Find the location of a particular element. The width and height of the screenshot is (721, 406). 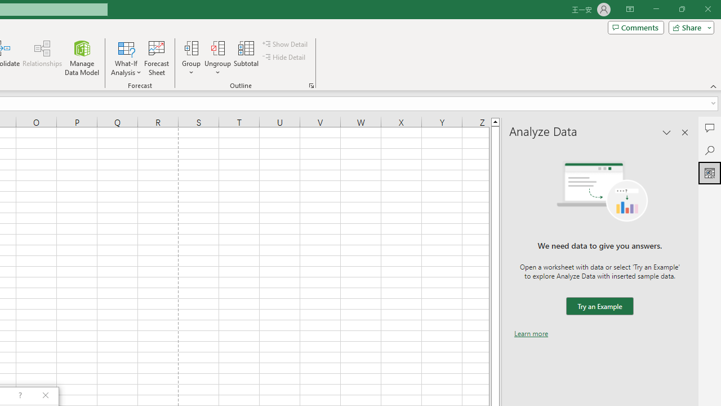

'What-If Analysis' is located at coordinates (126, 58).